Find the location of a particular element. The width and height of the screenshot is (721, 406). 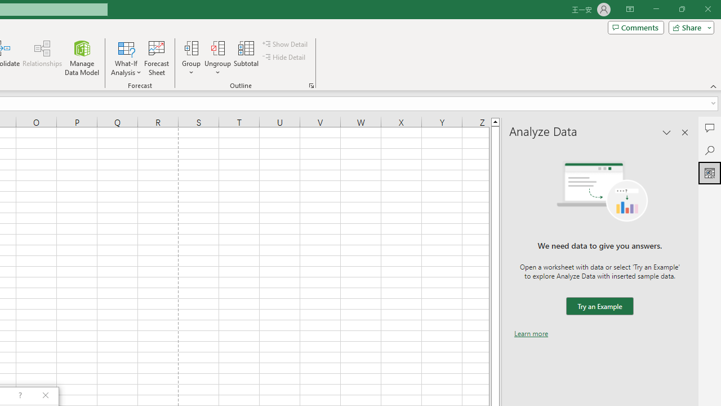

'What-If Analysis' is located at coordinates (126, 58).